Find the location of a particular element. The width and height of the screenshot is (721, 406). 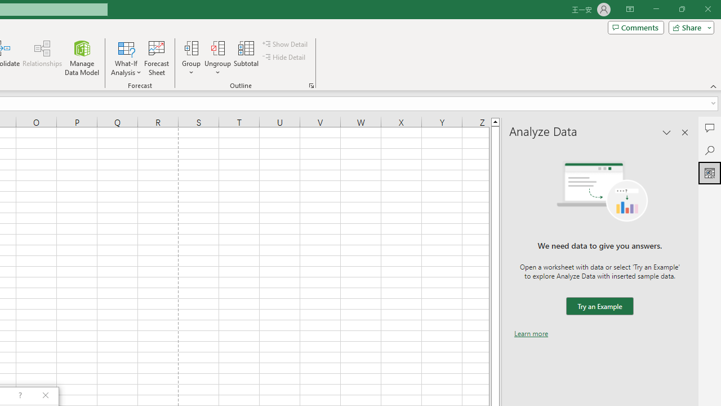

'What-If Analysis' is located at coordinates (126, 58).